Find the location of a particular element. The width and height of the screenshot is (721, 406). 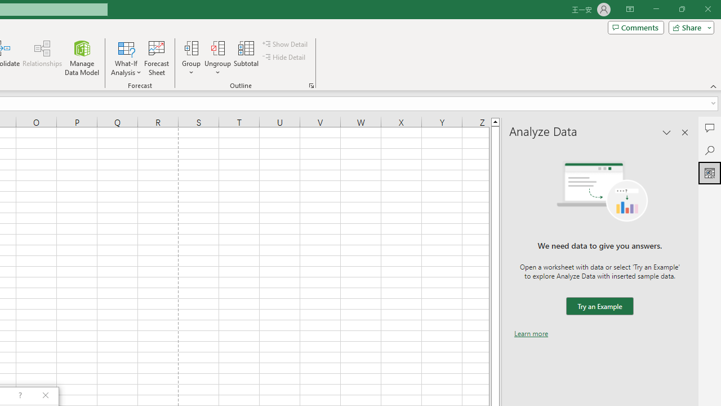

'What-If Analysis' is located at coordinates (126, 58).